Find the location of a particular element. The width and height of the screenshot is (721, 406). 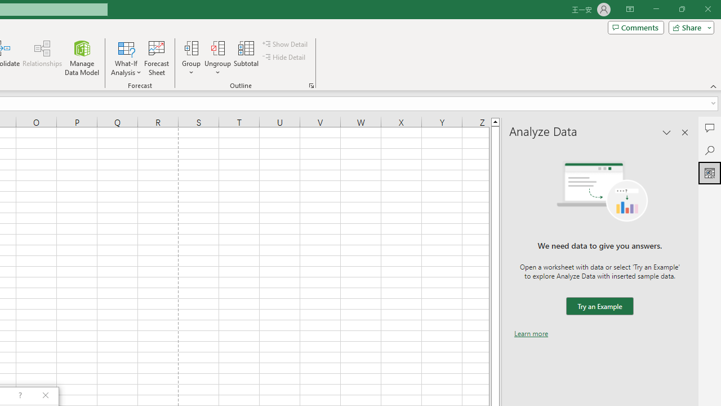

'What-If Analysis' is located at coordinates (126, 58).